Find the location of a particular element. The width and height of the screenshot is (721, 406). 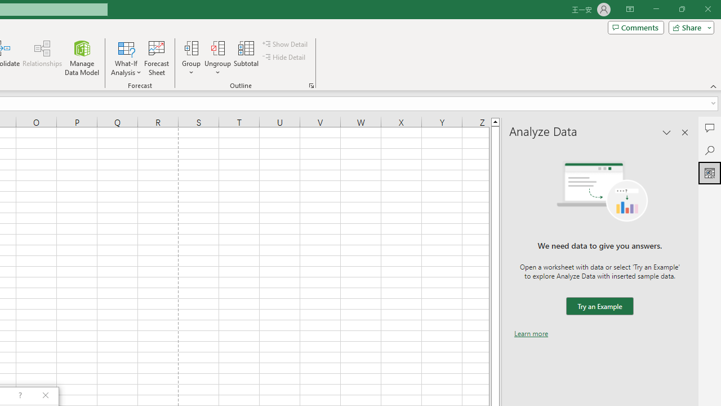

'What-If Analysis' is located at coordinates (126, 58).